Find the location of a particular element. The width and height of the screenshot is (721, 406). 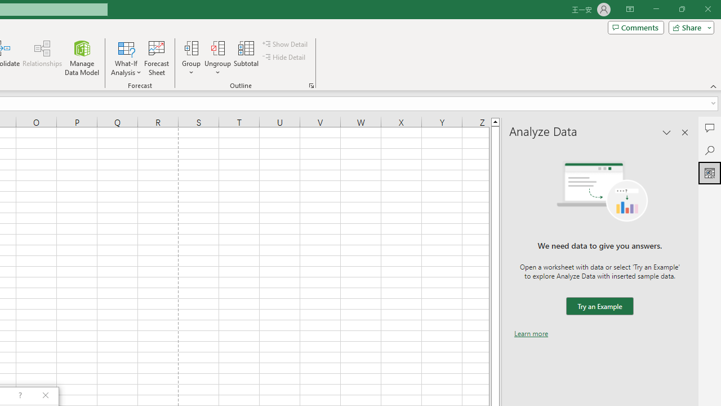

'What-If Analysis' is located at coordinates (126, 58).